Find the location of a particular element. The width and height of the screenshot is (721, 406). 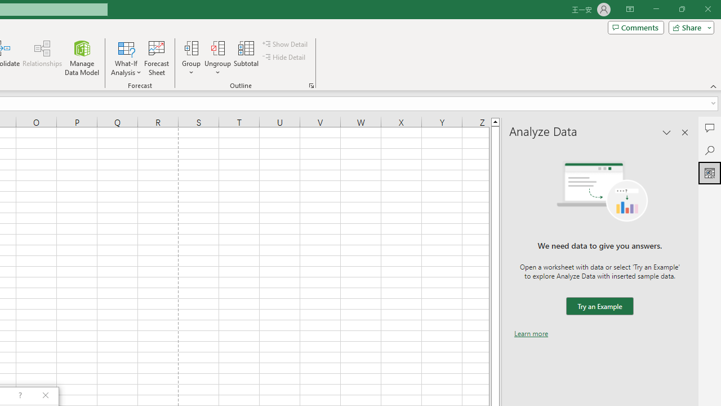

'What-If Analysis' is located at coordinates (126, 58).